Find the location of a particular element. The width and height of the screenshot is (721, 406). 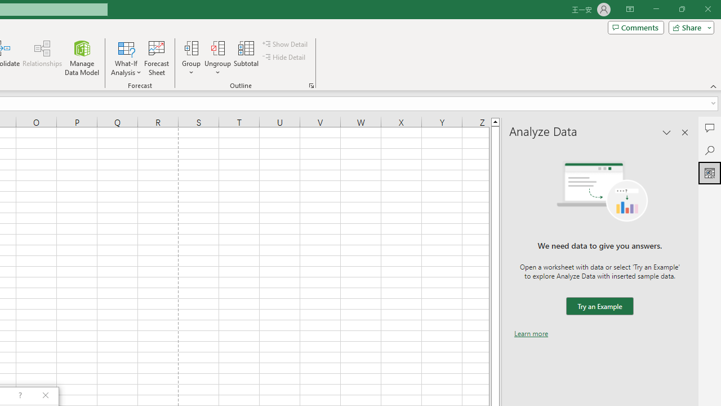

'What-If Analysis' is located at coordinates (126, 58).